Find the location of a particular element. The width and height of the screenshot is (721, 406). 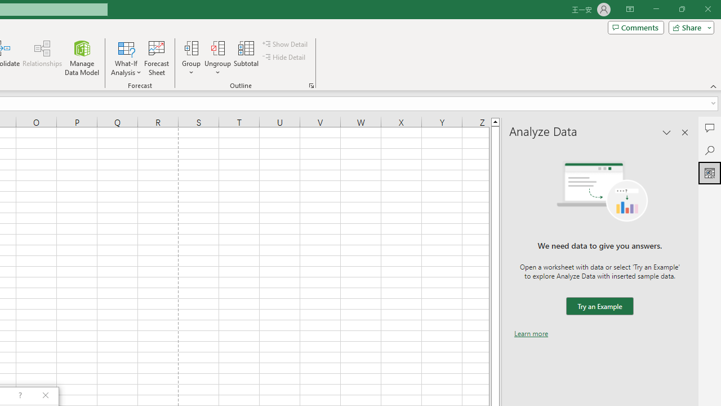

'What-If Analysis' is located at coordinates (126, 58).